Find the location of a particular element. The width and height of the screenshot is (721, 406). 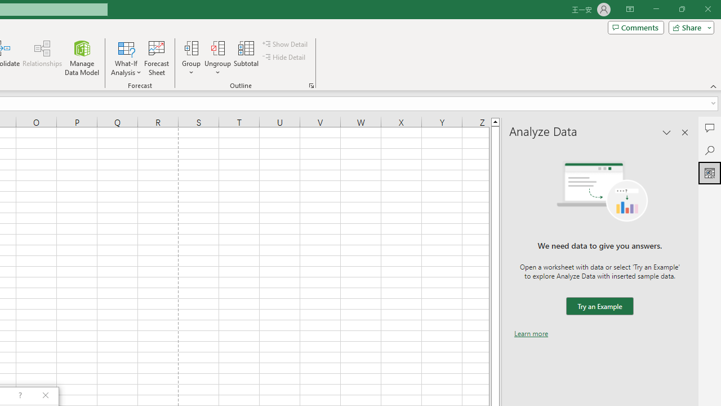

'What-If Analysis' is located at coordinates (126, 58).